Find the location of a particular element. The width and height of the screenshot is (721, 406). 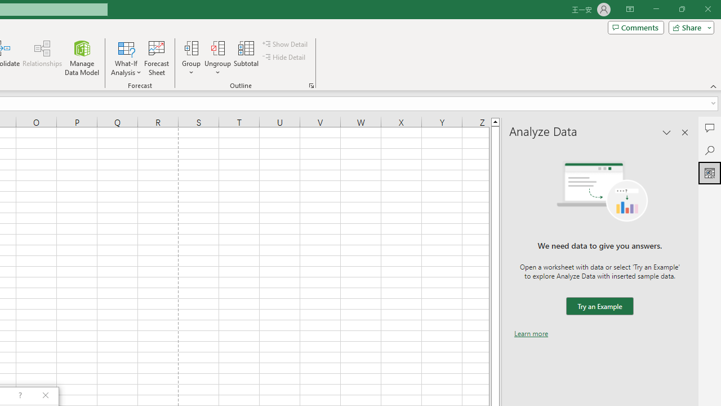

'What-If Analysis' is located at coordinates (126, 58).